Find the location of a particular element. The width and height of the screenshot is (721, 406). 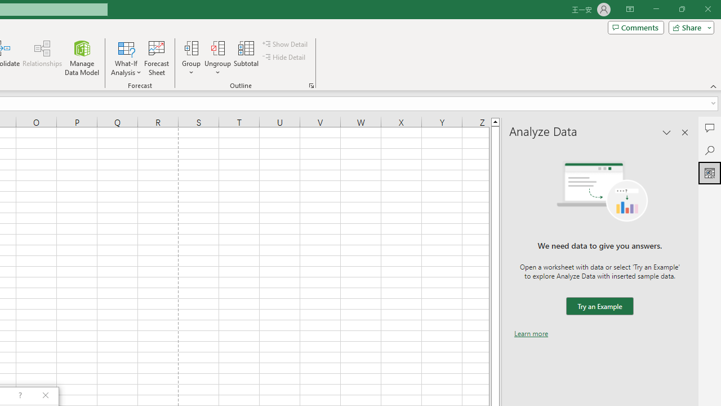

'What-If Analysis' is located at coordinates (126, 58).